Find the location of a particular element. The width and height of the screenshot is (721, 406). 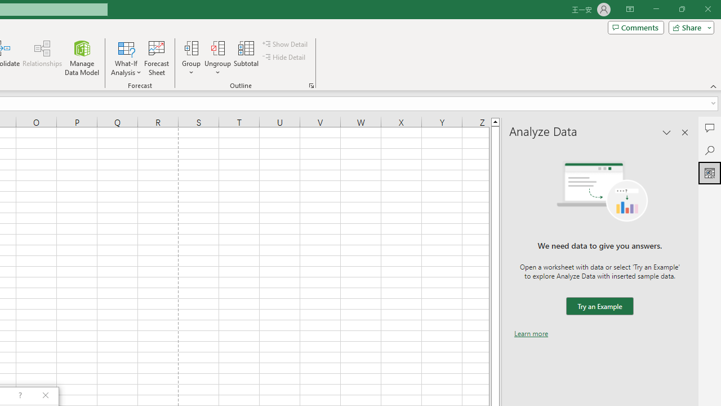

'What-If Analysis' is located at coordinates (126, 58).